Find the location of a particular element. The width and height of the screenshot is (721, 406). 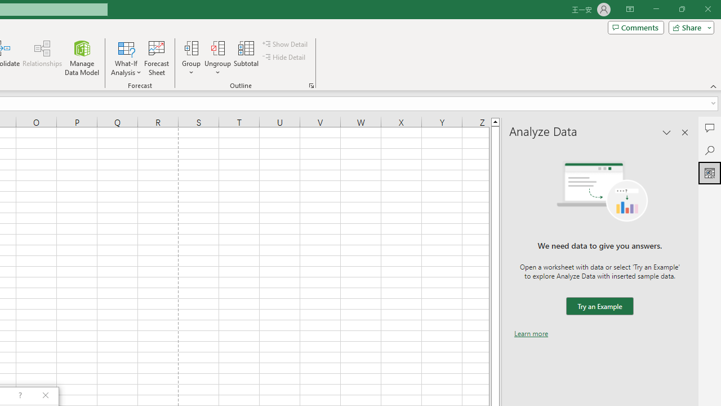

'What-If Analysis' is located at coordinates (126, 58).